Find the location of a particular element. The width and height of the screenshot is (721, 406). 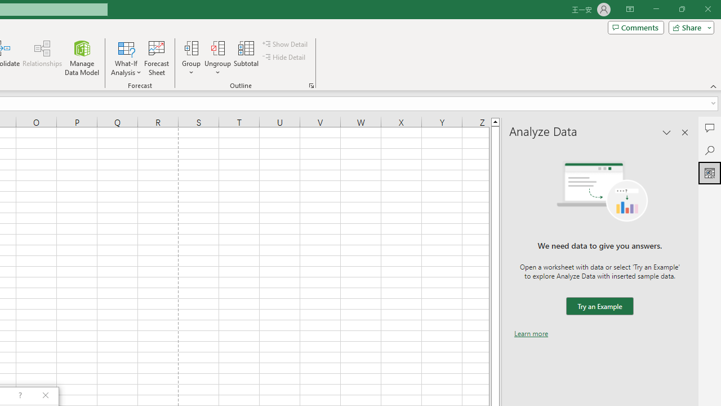

'What-If Analysis' is located at coordinates (126, 58).